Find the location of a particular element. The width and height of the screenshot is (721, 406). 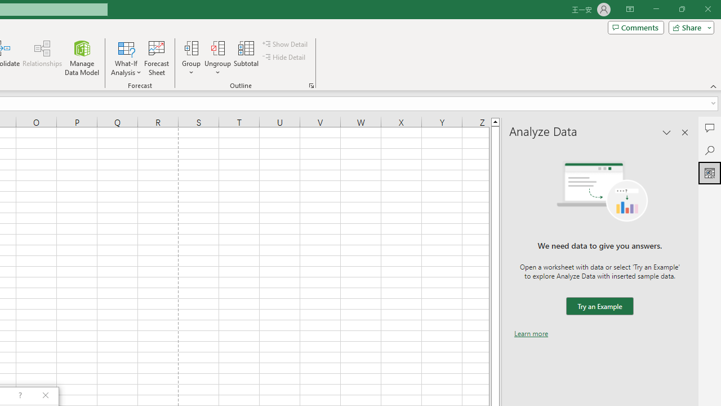

'What-If Analysis' is located at coordinates (126, 58).